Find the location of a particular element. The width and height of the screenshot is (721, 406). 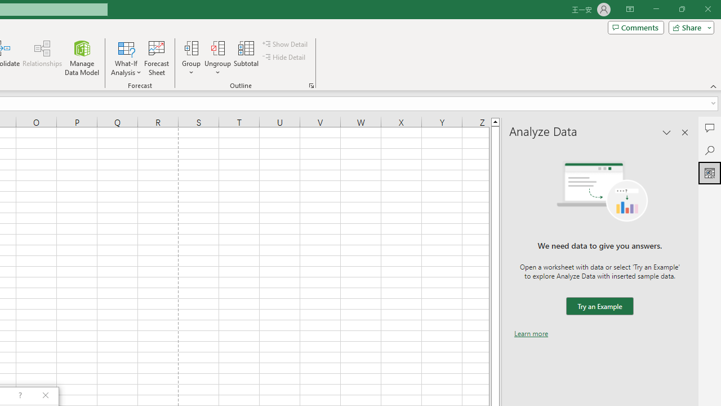

'What-If Analysis' is located at coordinates (126, 58).